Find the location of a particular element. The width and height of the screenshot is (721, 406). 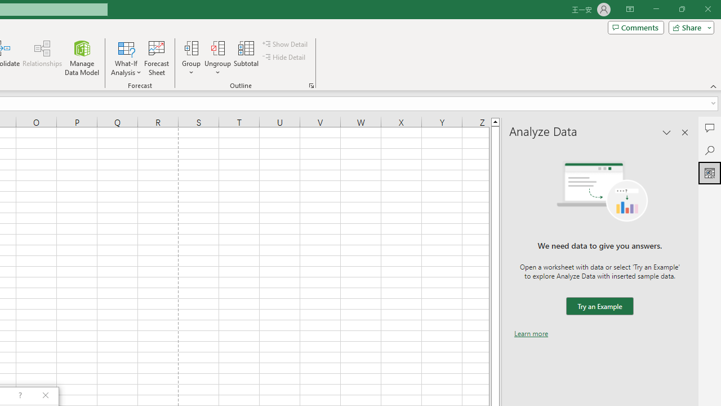

'What-If Analysis' is located at coordinates (126, 58).